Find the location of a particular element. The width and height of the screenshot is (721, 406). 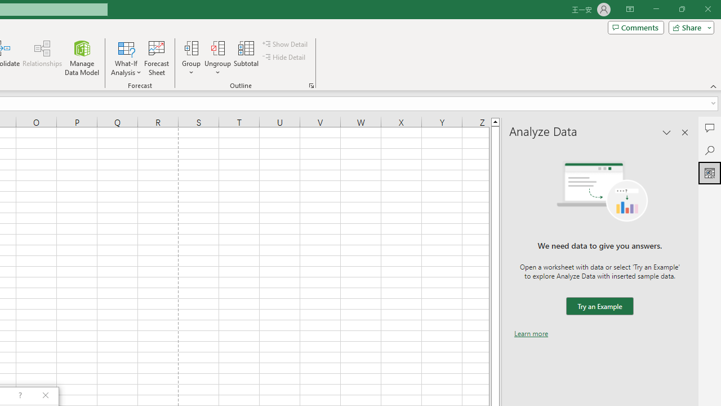

'What-If Analysis' is located at coordinates (126, 58).